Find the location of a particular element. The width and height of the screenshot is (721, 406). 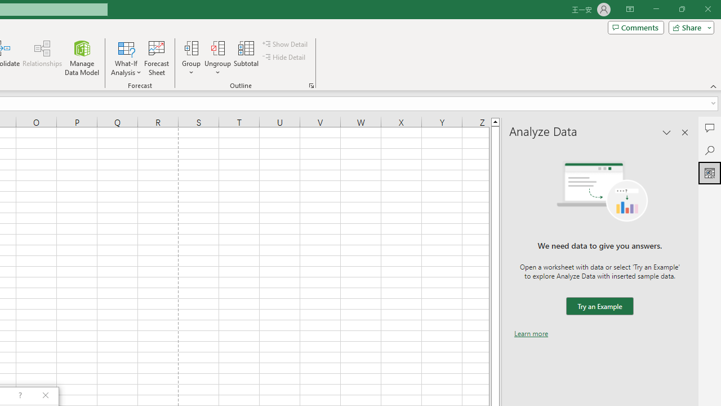

'What-If Analysis' is located at coordinates (126, 58).